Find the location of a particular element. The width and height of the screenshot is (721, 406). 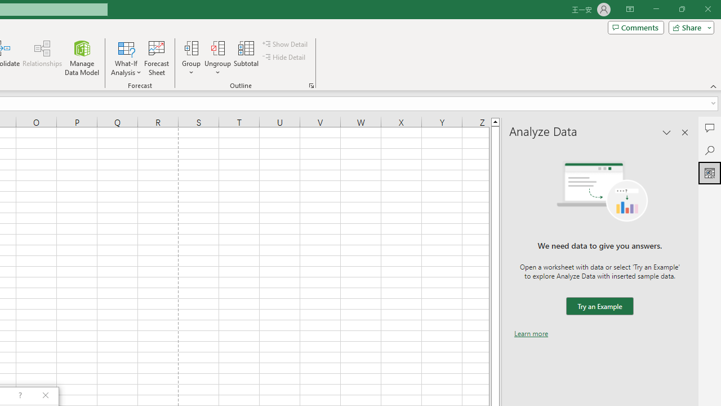

'What-If Analysis' is located at coordinates (126, 58).